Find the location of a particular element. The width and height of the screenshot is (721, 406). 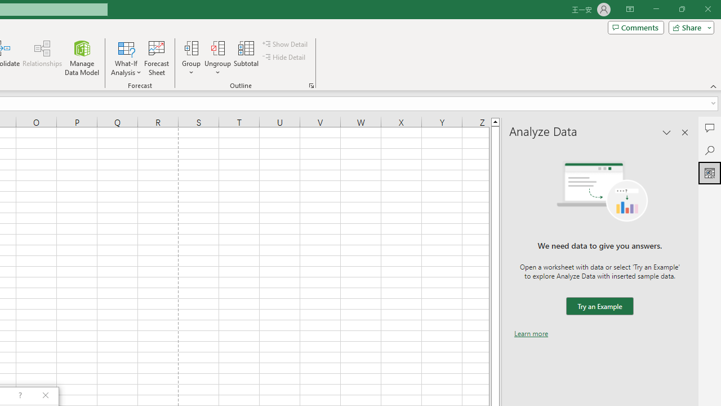

'What-If Analysis' is located at coordinates (126, 58).